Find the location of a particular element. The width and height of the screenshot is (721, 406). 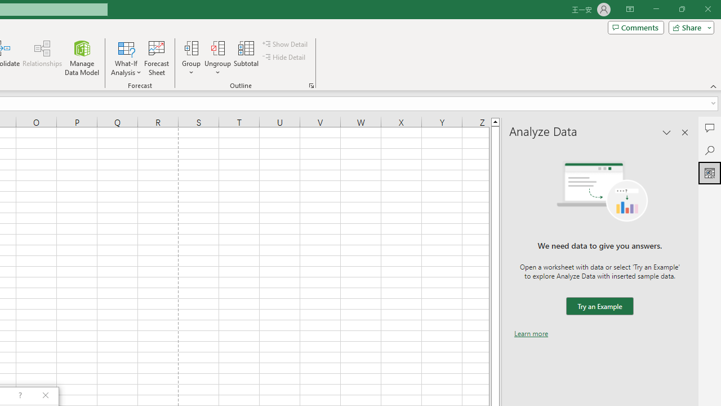

'What-If Analysis' is located at coordinates (126, 58).